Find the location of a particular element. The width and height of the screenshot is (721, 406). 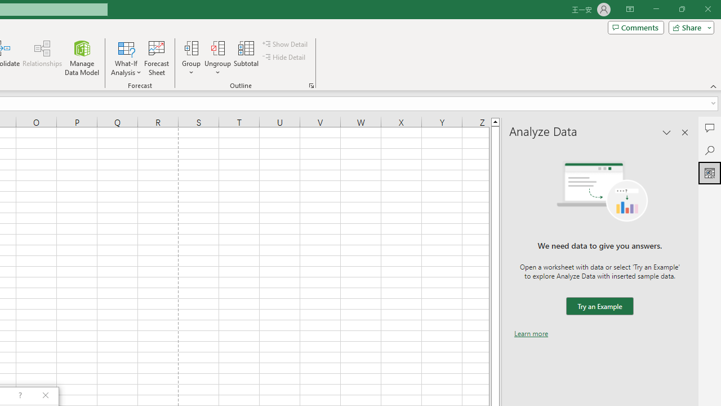

'What-If Analysis' is located at coordinates (126, 58).